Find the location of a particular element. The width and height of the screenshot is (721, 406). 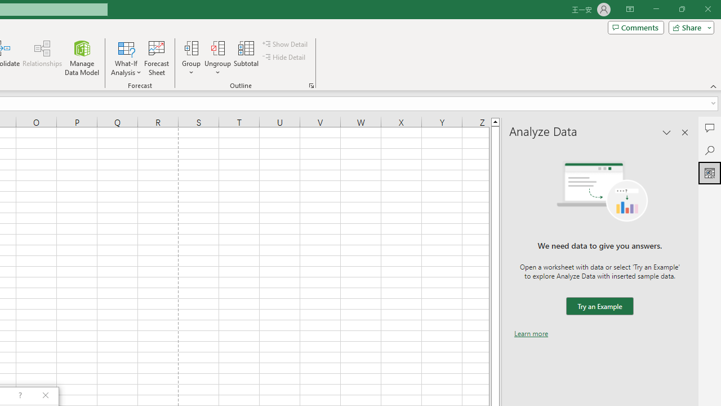

'What-If Analysis' is located at coordinates (126, 58).